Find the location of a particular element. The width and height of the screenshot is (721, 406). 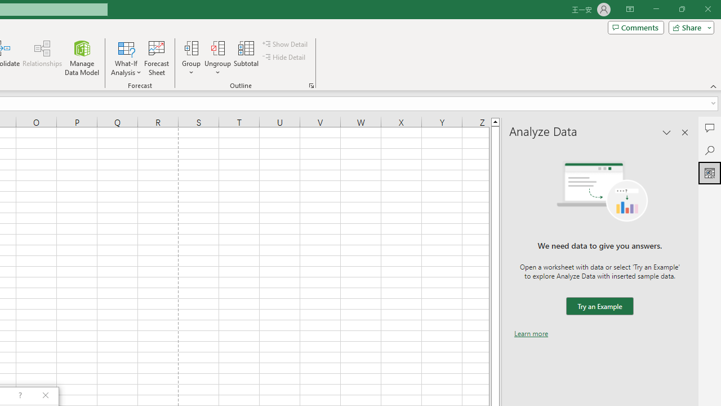

'What-If Analysis' is located at coordinates (126, 58).